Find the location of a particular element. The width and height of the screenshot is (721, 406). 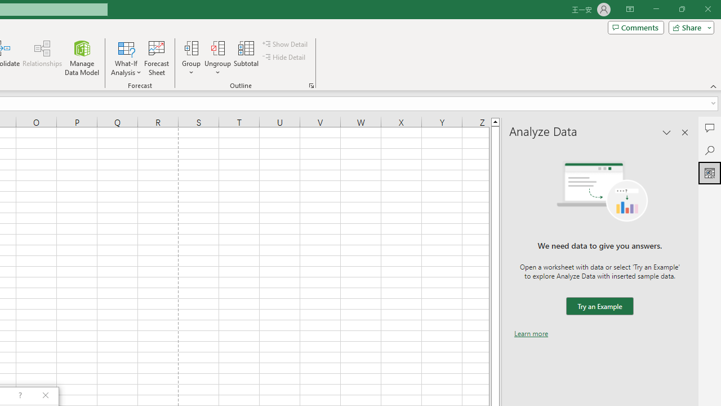

'What-If Analysis' is located at coordinates (126, 58).